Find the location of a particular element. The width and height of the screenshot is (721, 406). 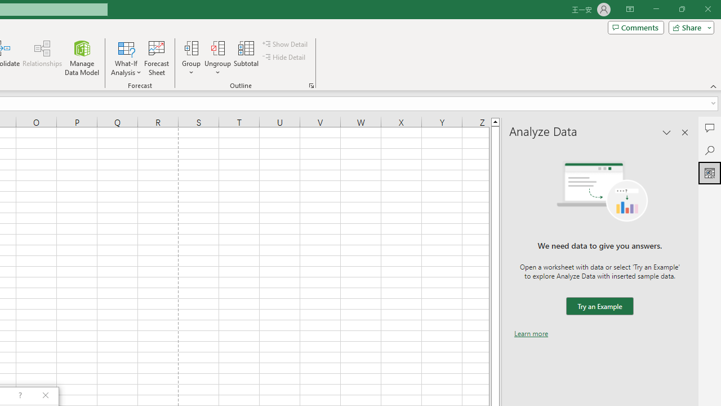

'What-If Analysis' is located at coordinates (126, 58).